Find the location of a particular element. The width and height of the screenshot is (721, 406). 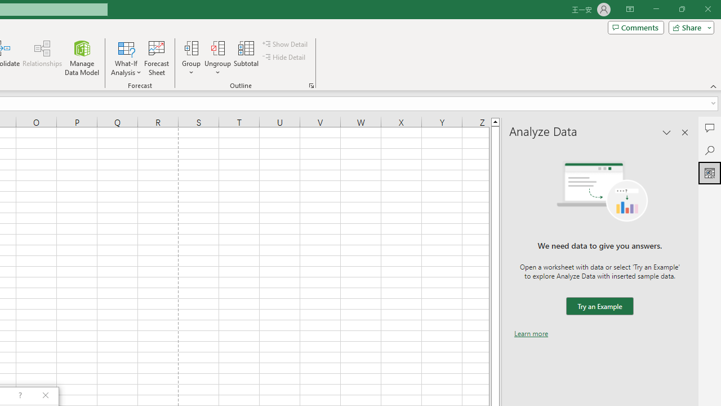

'What-If Analysis' is located at coordinates (126, 58).